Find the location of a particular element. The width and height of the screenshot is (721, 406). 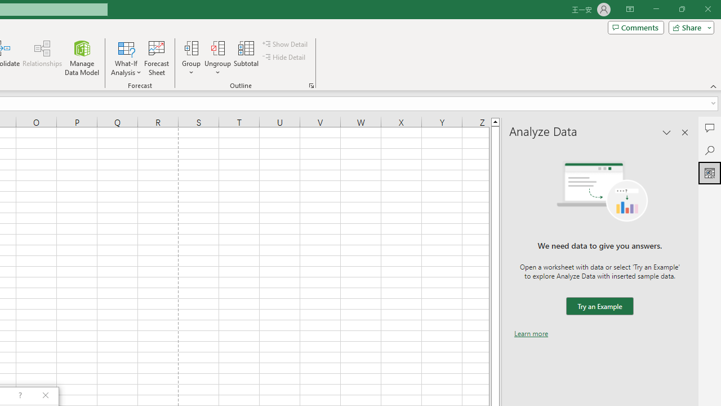

'What-If Analysis' is located at coordinates (126, 58).